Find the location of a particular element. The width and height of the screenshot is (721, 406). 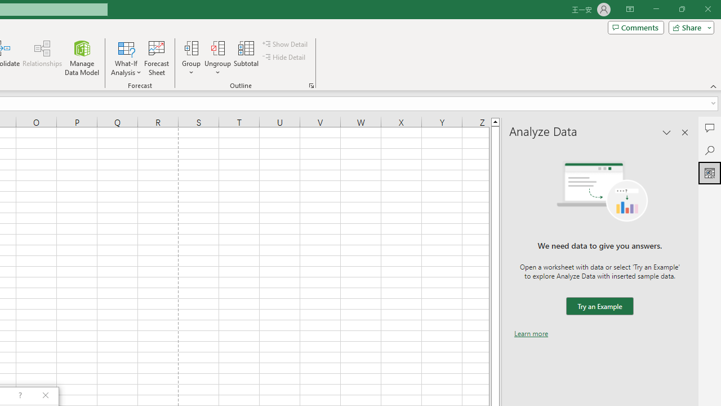

'What-If Analysis' is located at coordinates (126, 58).